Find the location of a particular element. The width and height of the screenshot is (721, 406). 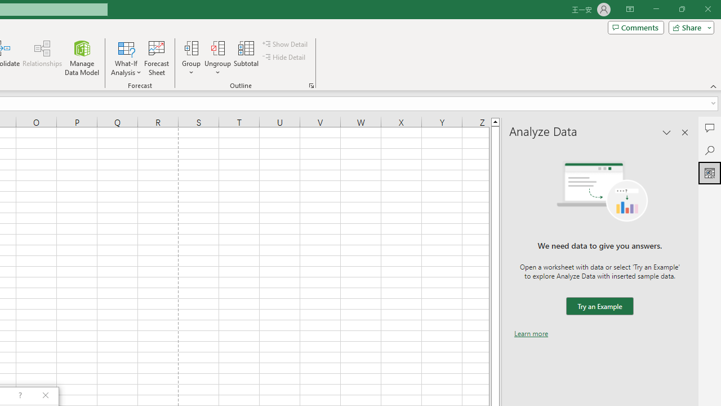

'What-If Analysis' is located at coordinates (126, 58).